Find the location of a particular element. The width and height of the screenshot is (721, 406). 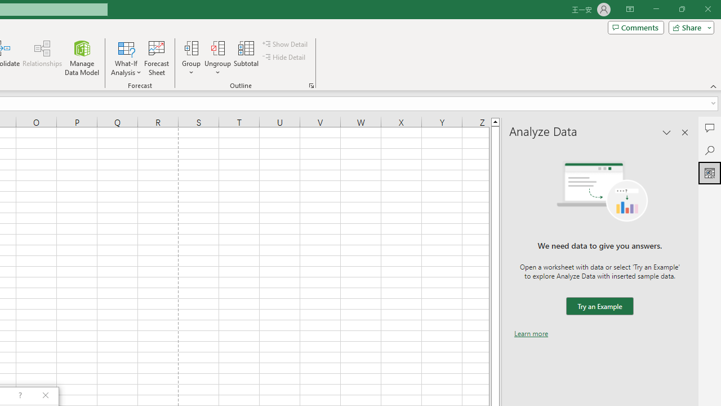

'What-If Analysis' is located at coordinates (126, 58).